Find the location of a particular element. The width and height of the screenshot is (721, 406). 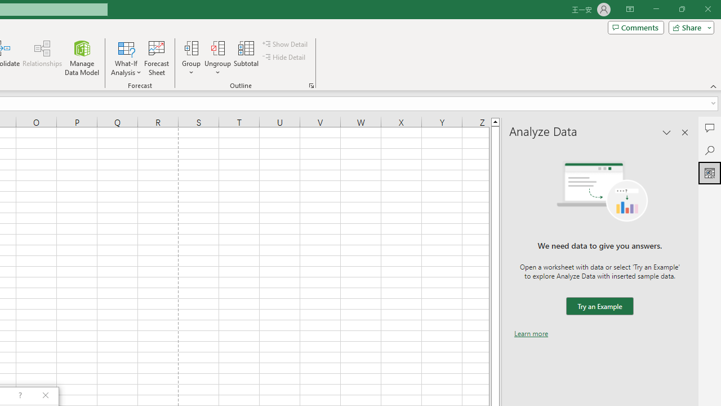

'What-If Analysis' is located at coordinates (126, 58).